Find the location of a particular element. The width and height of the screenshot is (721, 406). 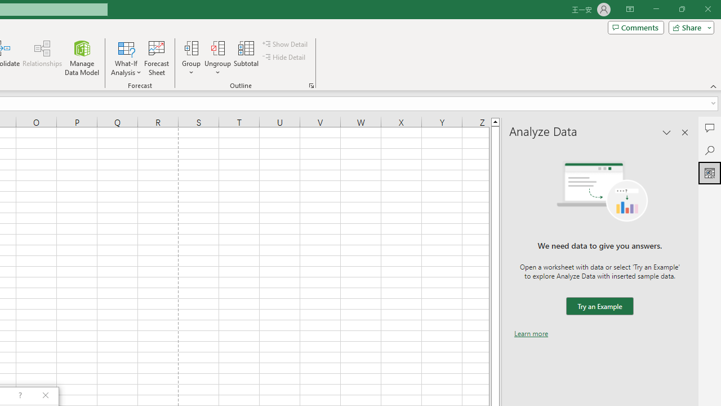

'What-If Analysis' is located at coordinates (126, 58).